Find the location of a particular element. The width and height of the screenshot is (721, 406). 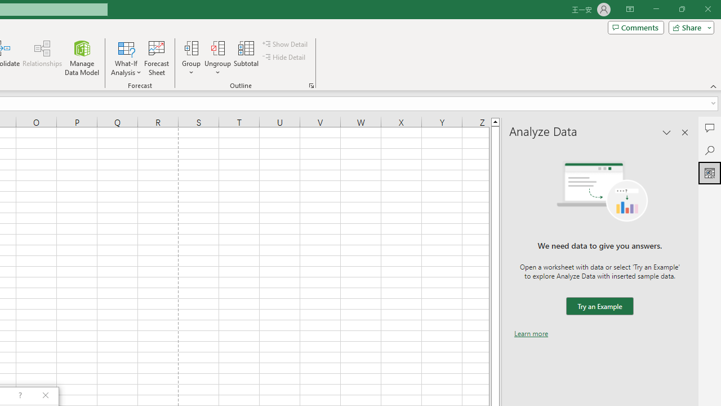

'What-If Analysis' is located at coordinates (126, 58).